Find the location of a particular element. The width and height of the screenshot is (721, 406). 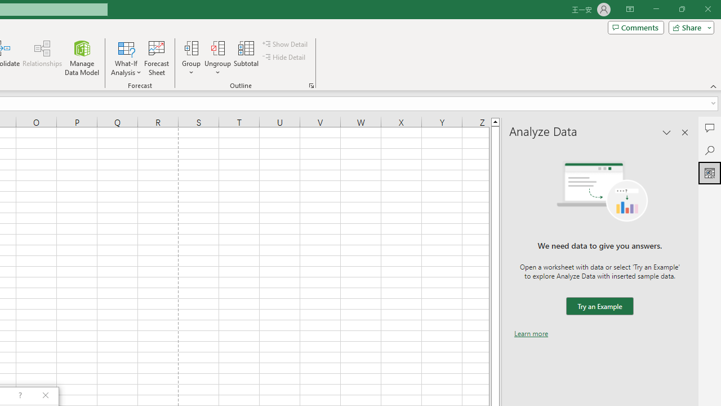

'What-If Analysis' is located at coordinates (126, 58).